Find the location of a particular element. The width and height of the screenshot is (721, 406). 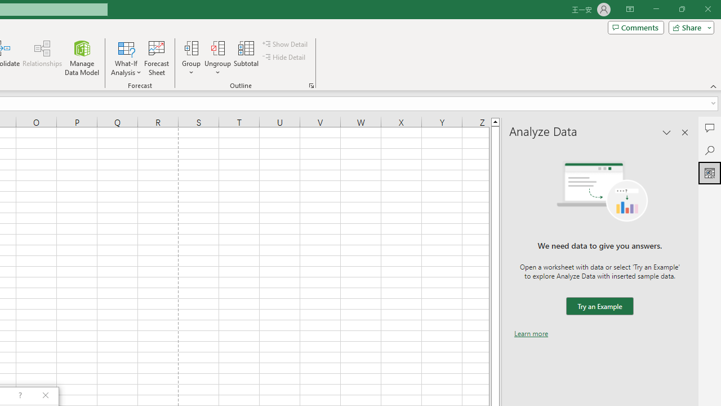

'What-If Analysis' is located at coordinates (126, 58).